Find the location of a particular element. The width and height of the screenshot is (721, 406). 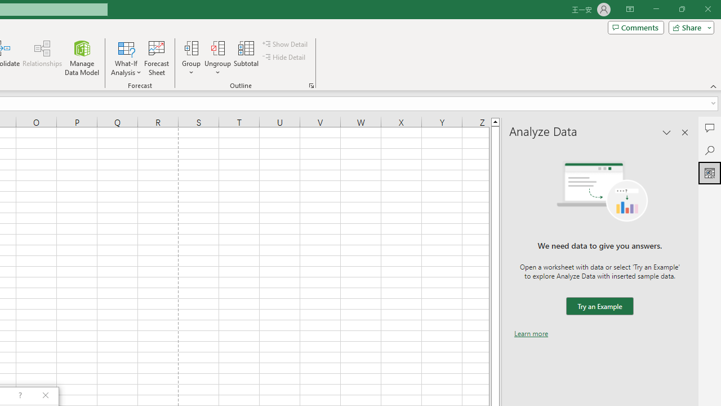

'What-If Analysis' is located at coordinates (126, 58).